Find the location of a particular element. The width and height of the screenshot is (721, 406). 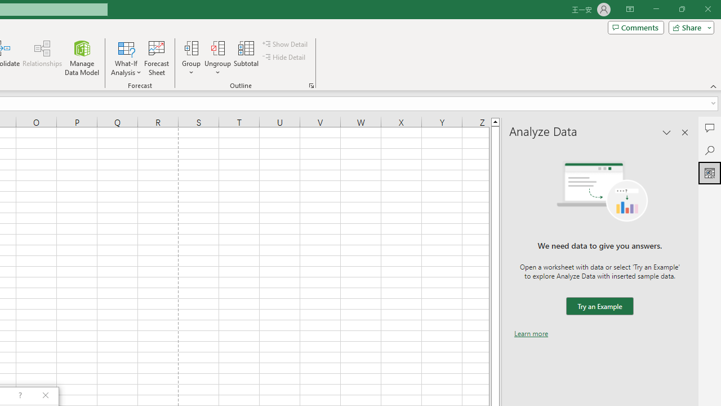

'What-If Analysis' is located at coordinates (126, 58).